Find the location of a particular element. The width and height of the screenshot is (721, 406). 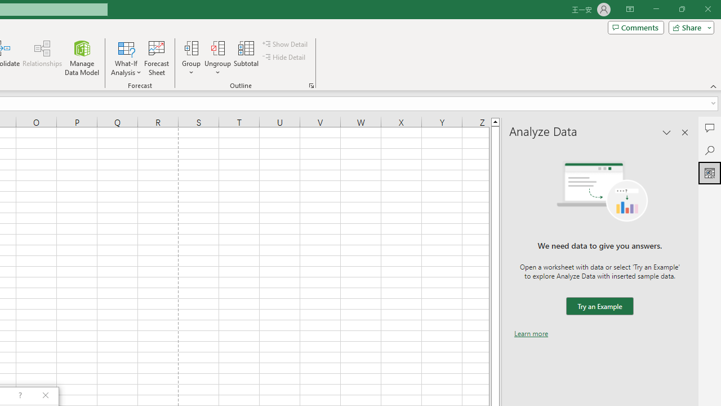

'What-If Analysis' is located at coordinates (126, 58).